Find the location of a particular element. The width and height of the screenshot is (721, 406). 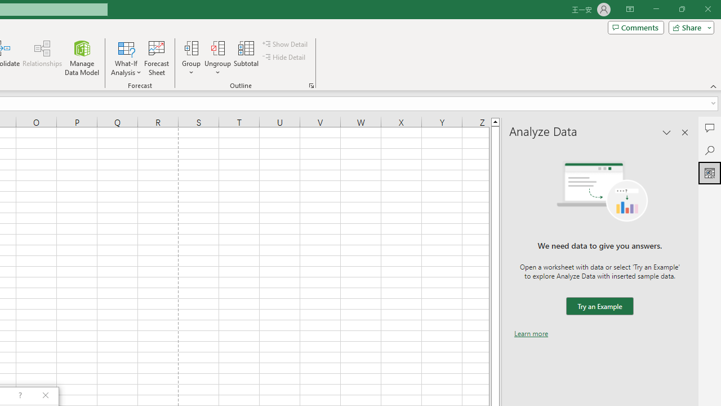

'What-If Analysis' is located at coordinates (126, 58).